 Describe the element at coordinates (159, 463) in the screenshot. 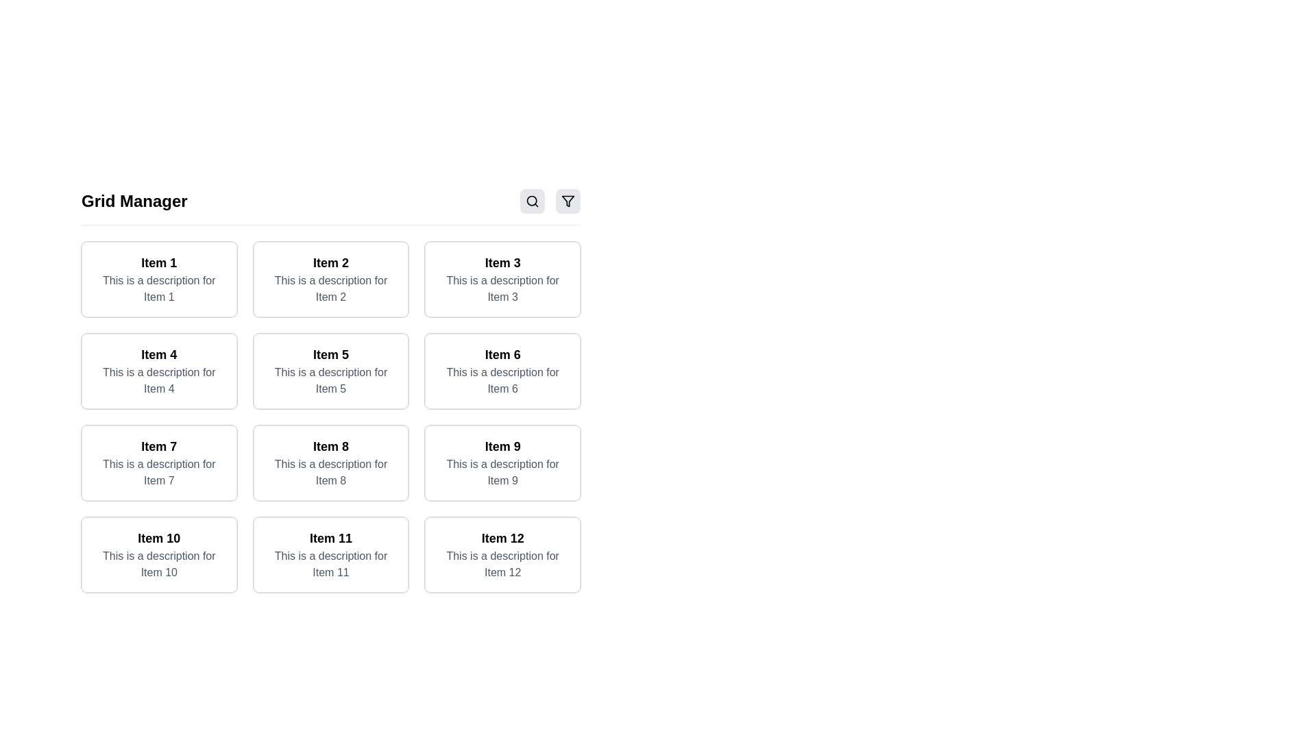

I see `the card representing 'Item 7', which is located in the fourth row and the first column of a 3-column grid layout` at that location.